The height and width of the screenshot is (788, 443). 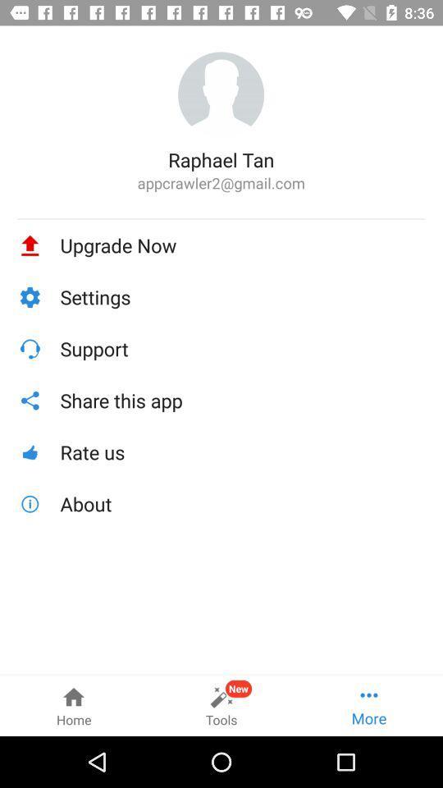 I want to click on the raphael tan icon, so click(x=221, y=159).